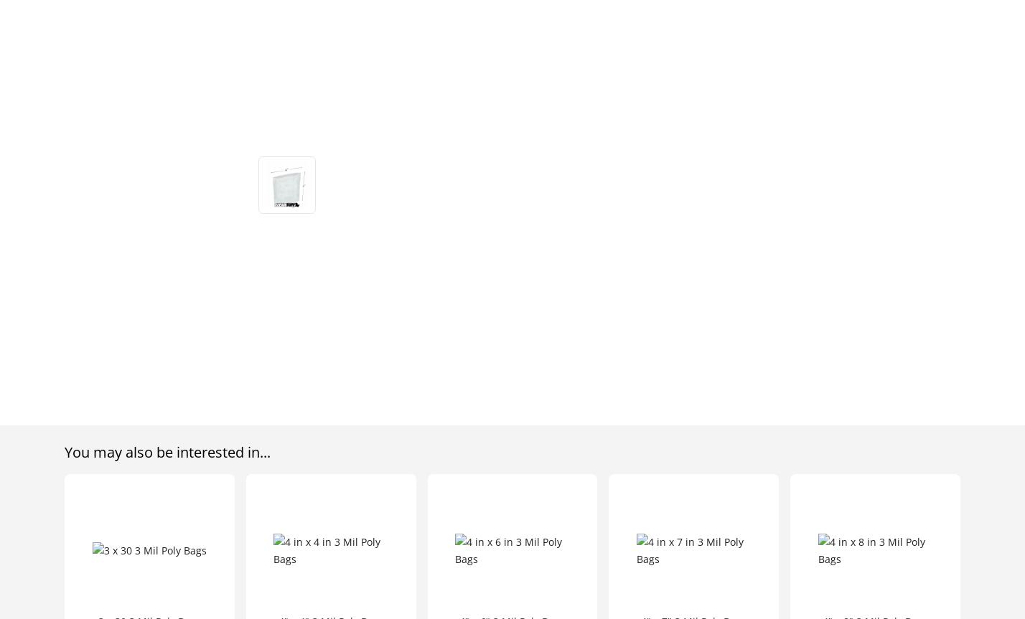 The image size is (1025, 619). What do you see at coordinates (844, 30) in the screenshot?
I see `'Interactive Catalog'` at bounding box center [844, 30].